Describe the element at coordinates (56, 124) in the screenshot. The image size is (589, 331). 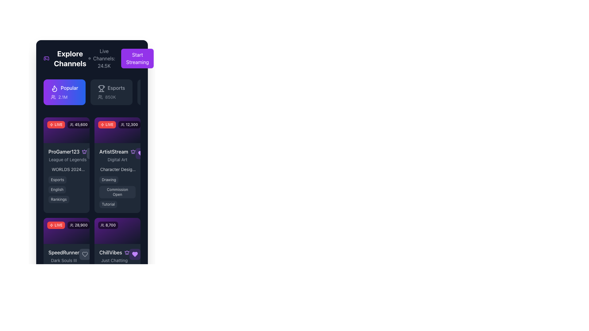
I see `the live indicator label located at the top-left corner of the first content card in the grid under the 'Popular' tab` at that location.